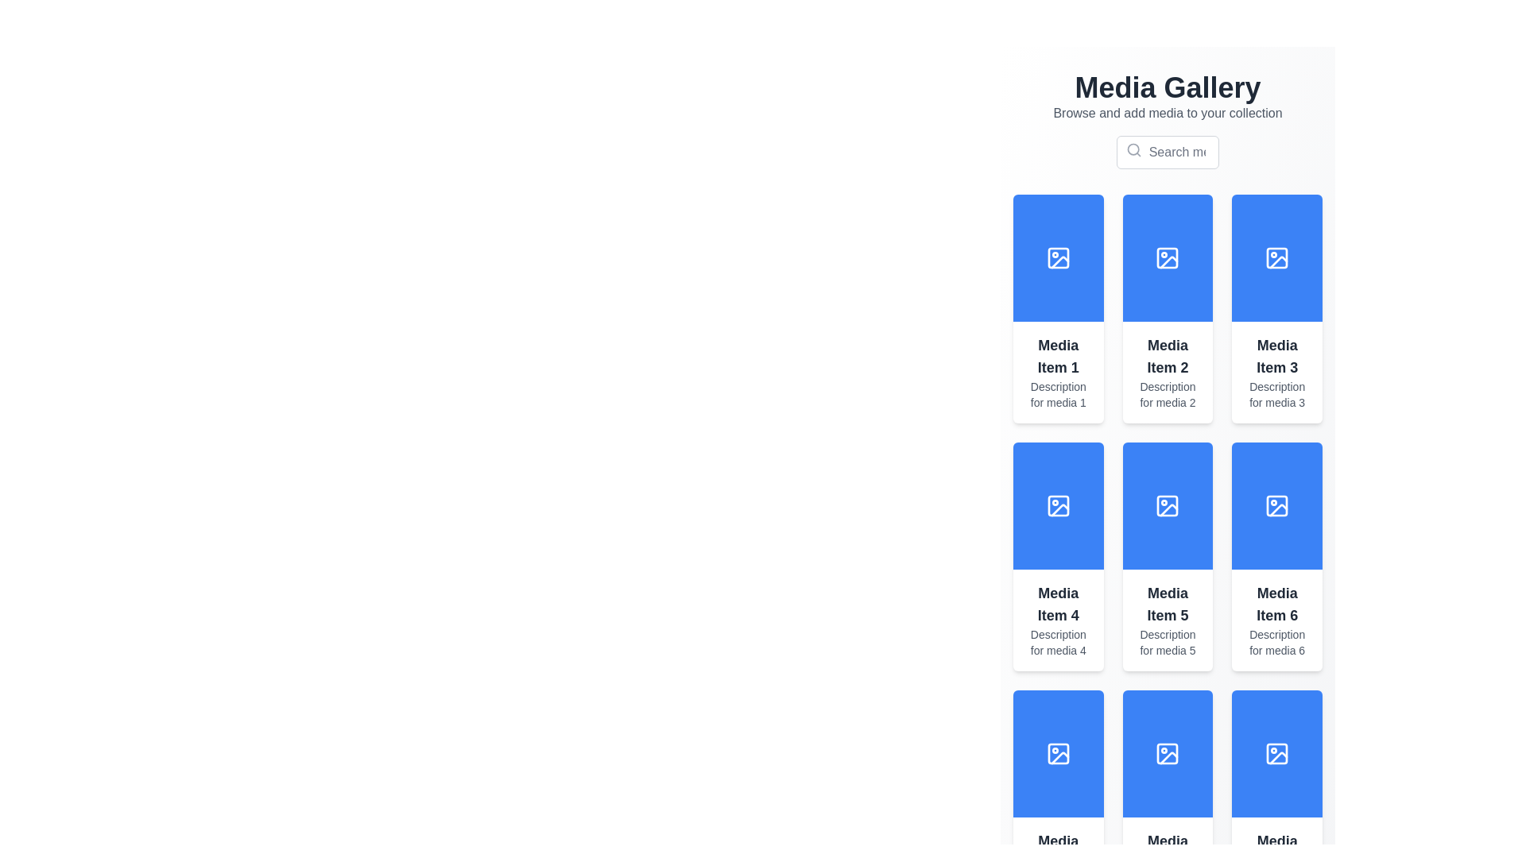 The height and width of the screenshot is (858, 1526). Describe the element at coordinates (1277, 642) in the screenshot. I see `the text 'Description for media 6' for copying, which is styled in a small light gray font and located below the title 'Media Item 6' in the card situated in the third column, second row of the grid layout` at that location.